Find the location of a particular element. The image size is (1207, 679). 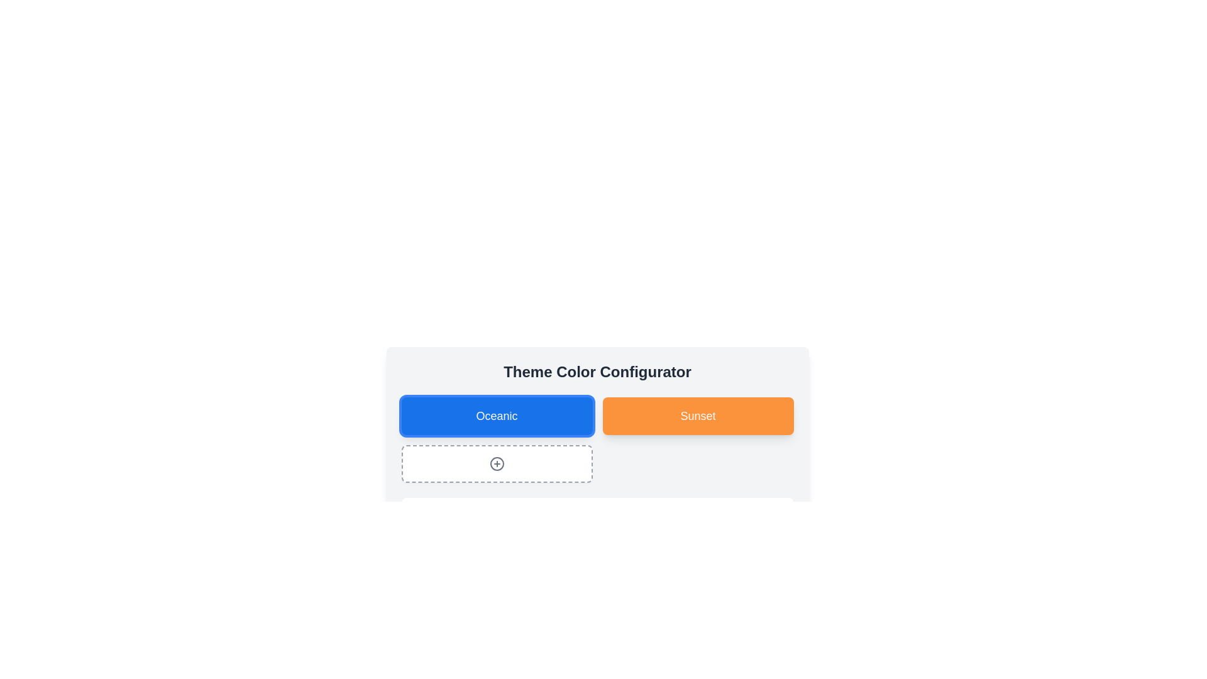

the circular icon button with a plus sign in its center, located below the 'Oceanic' and 'Sunset' buttons is located at coordinates (496, 463).